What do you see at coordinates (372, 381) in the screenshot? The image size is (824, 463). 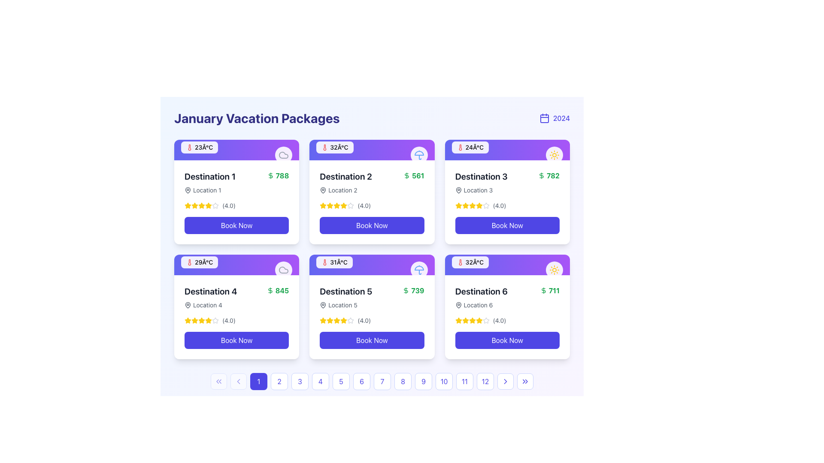 I see `the seventh page selection button in the pagination control` at bounding box center [372, 381].